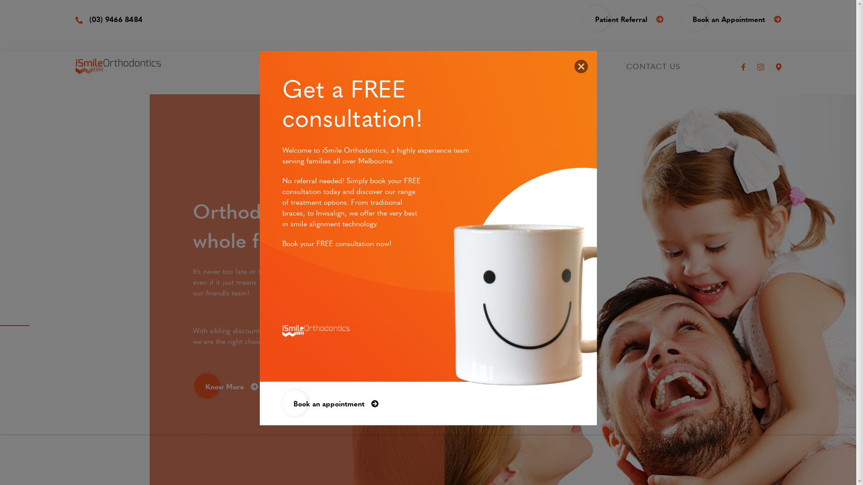  What do you see at coordinates (302, 66) in the screenshot?
I see `'ABOUT US'` at bounding box center [302, 66].